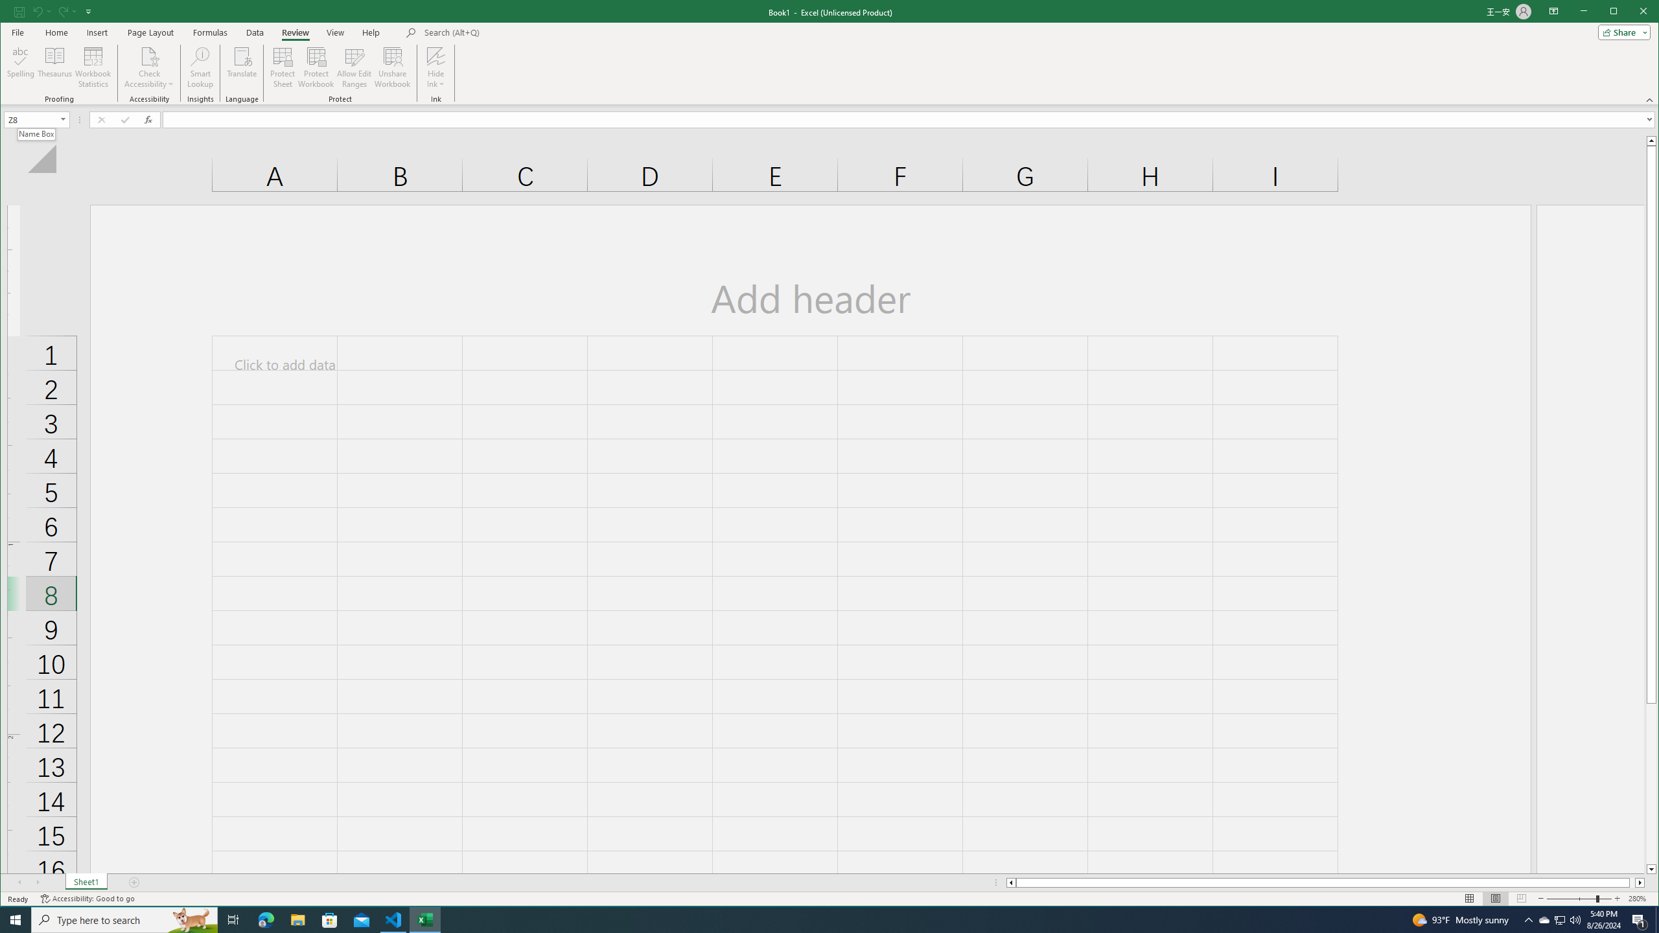 Image resolution: width=1659 pixels, height=933 pixels. I want to click on 'Action Center, 1 new notification', so click(1640, 919).